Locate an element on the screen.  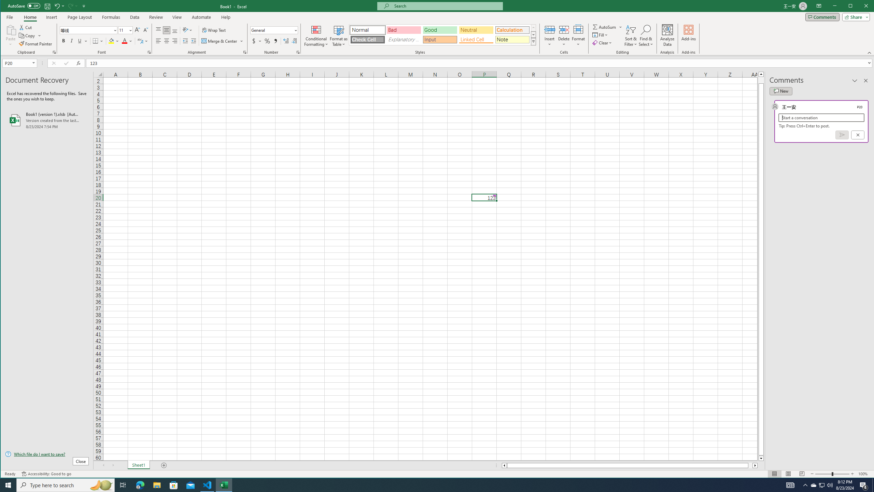
'Format Cell Number' is located at coordinates (298, 52).